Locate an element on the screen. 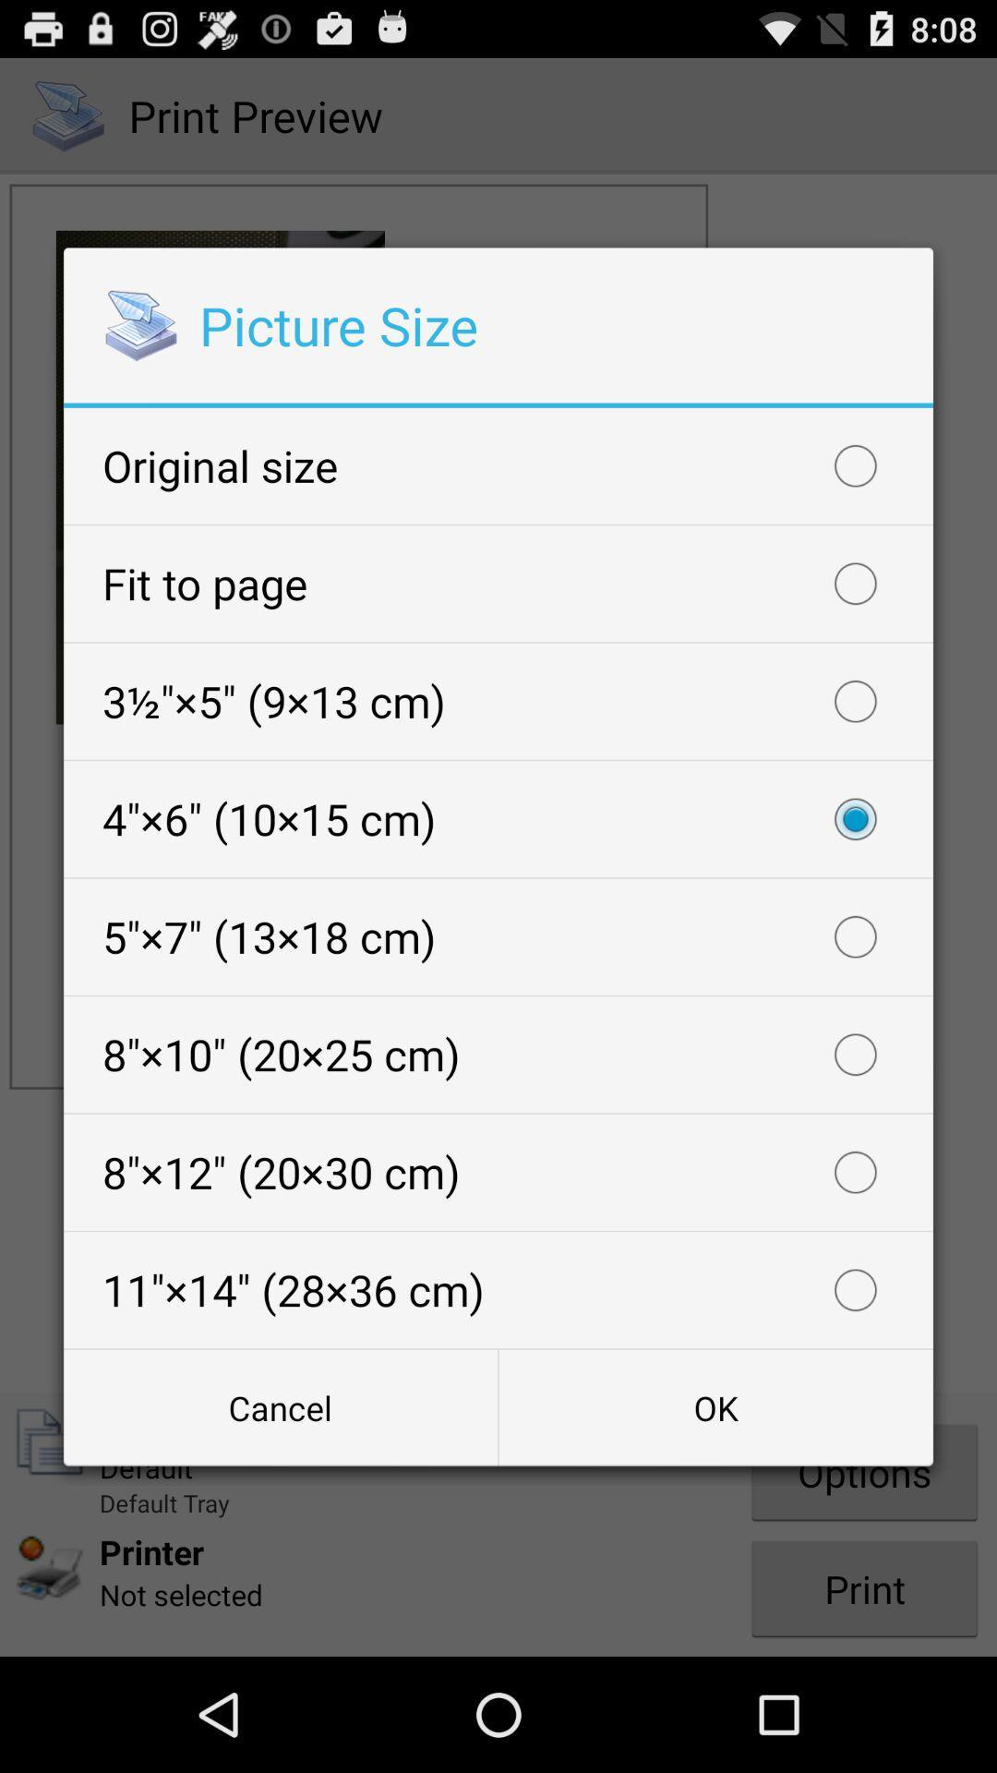 The image size is (997, 1773). the icon below the 11 14 28 is located at coordinates (281, 1406).